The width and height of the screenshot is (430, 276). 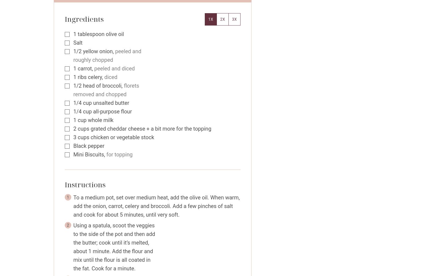 What do you see at coordinates (98, 51) in the screenshot?
I see `'yellow onion'` at bounding box center [98, 51].